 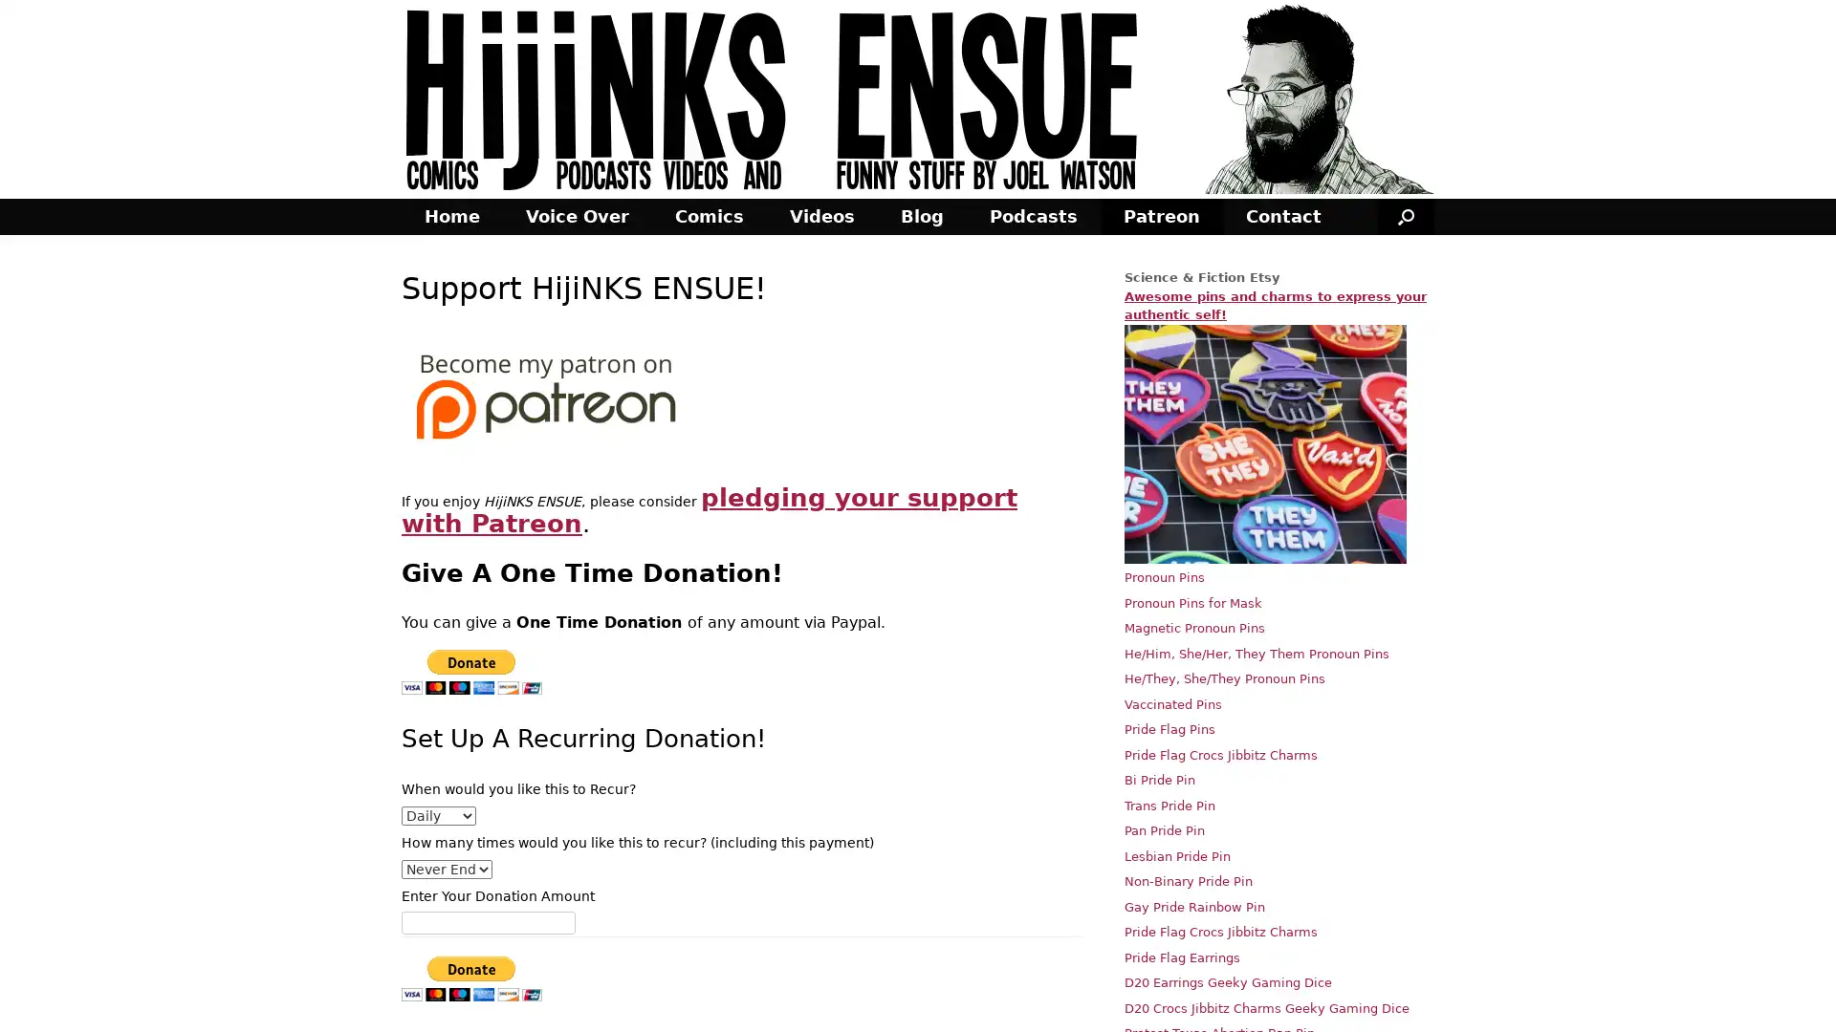 I want to click on PayPal - The safer, easier way to pay online!, so click(x=471, y=978).